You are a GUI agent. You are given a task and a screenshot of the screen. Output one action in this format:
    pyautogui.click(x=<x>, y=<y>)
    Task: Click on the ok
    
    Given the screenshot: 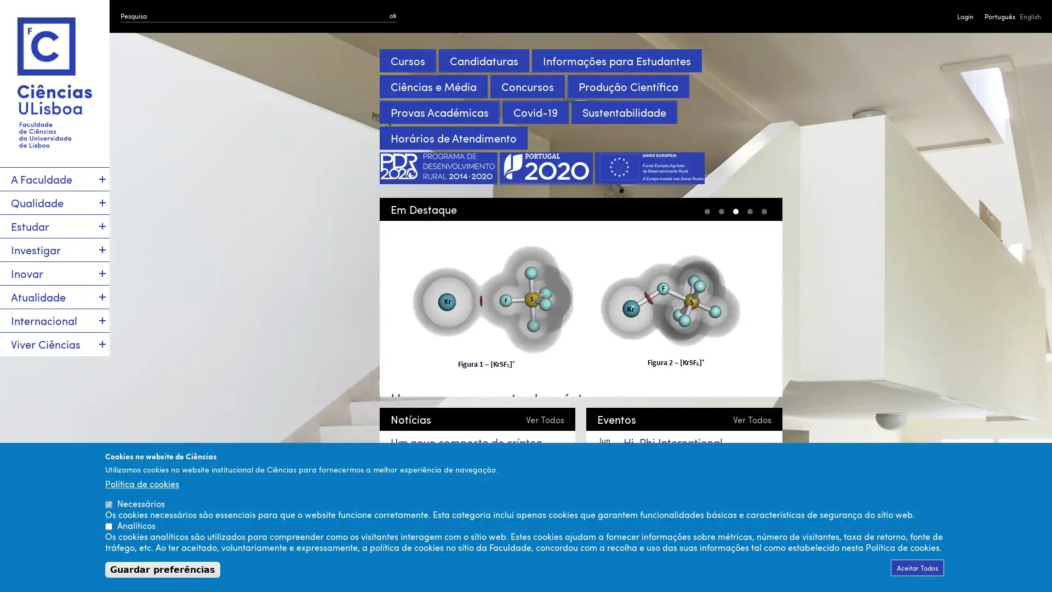 What is the action you would take?
    pyautogui.click(x=393, y=15)
    